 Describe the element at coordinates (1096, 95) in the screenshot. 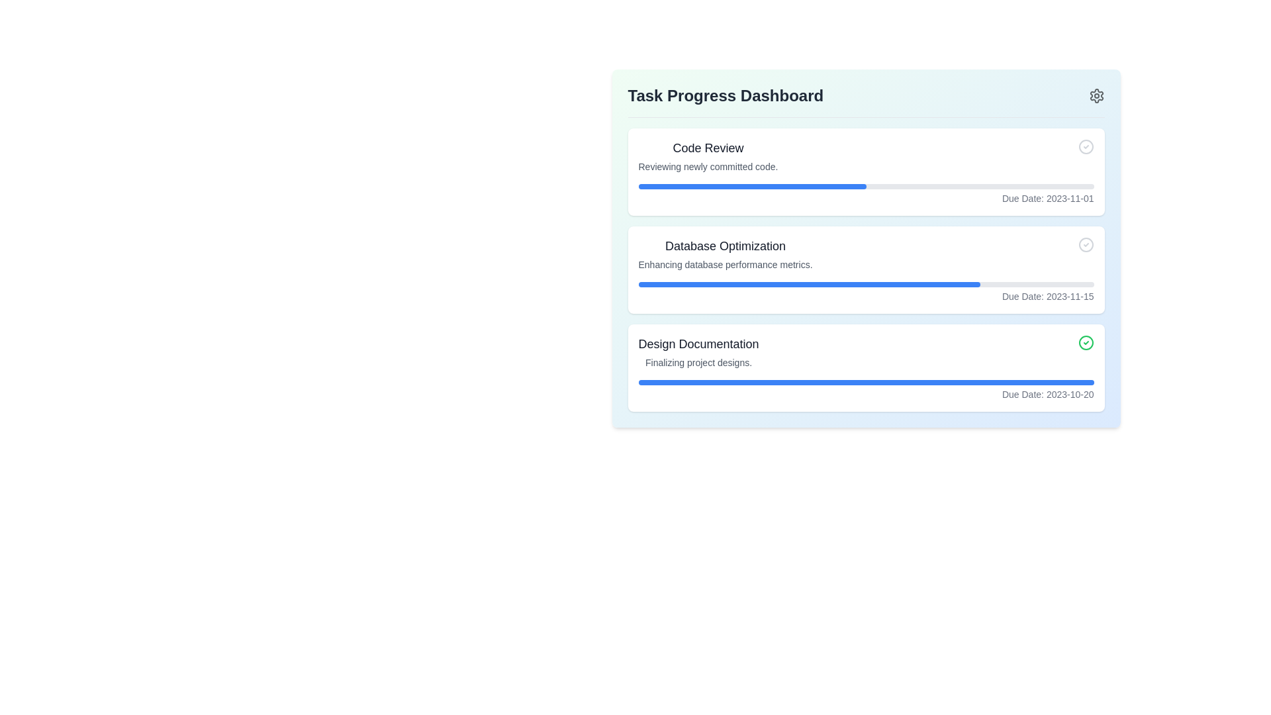

I see `the settings SVG icon located at the top-right corner of the Task Progress Dashboard` at that location.